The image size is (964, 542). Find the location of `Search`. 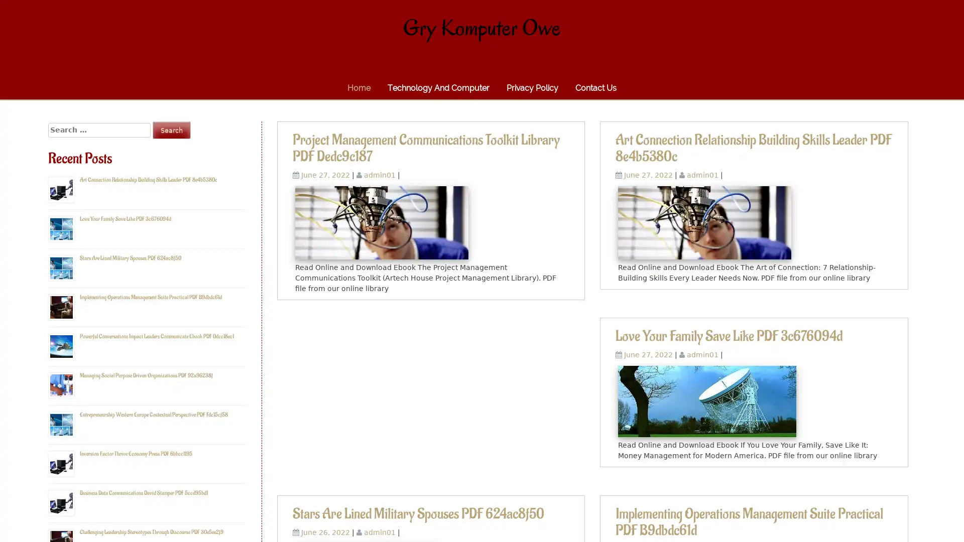

Search is located at coordinates (171, 129).